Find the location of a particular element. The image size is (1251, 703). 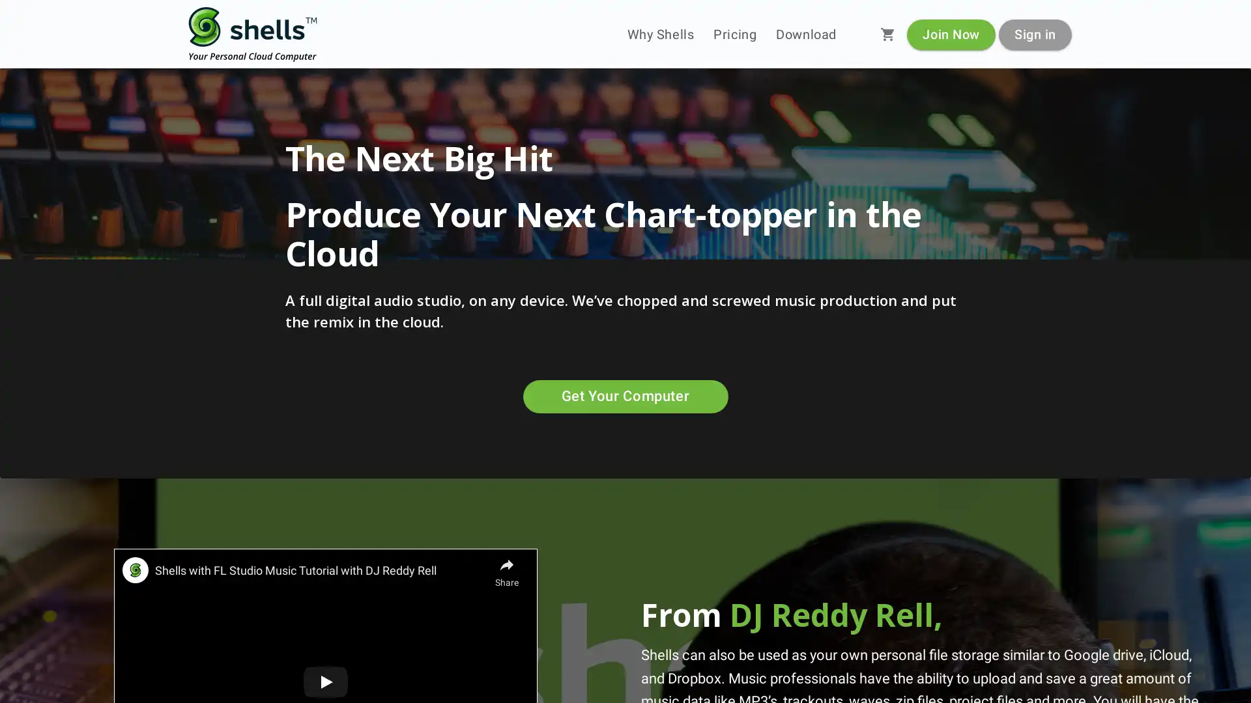

Download is located at coordinates (805, 34).